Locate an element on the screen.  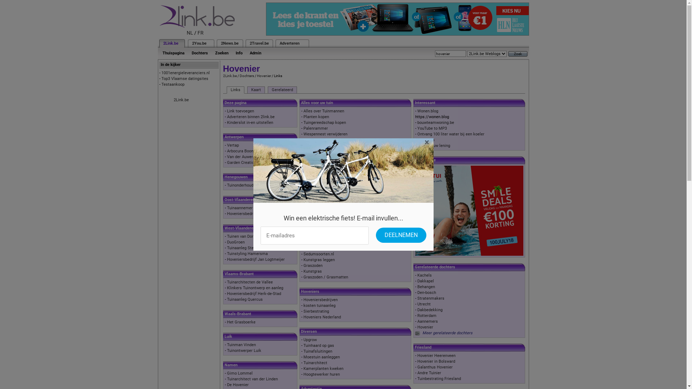
'Hoveniersbedrijven' is located at coordinates (320, 300).